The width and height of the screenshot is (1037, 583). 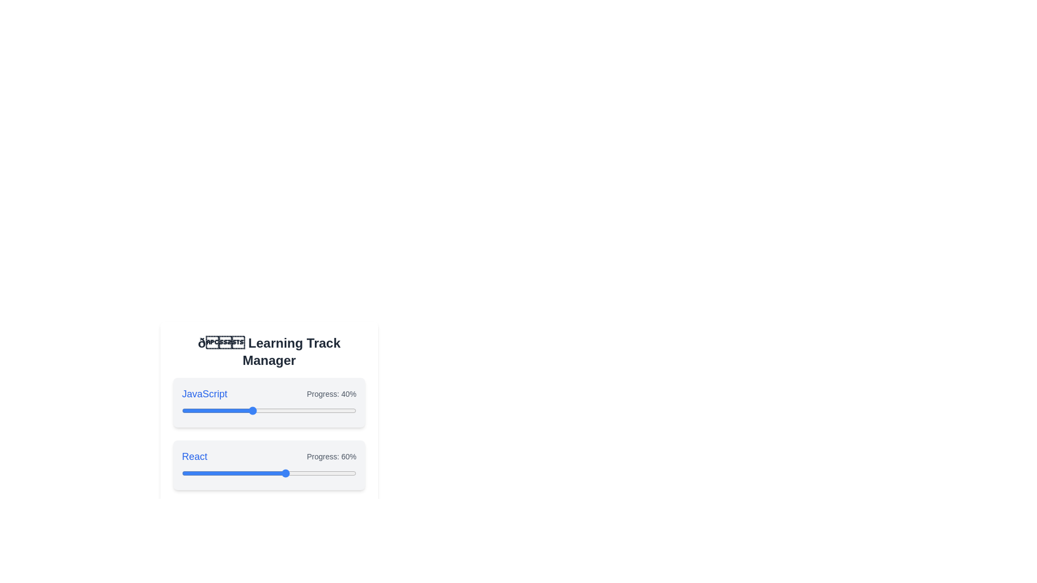 What do you see at coordinates (331, 456) in the screenshot?
I see `the text label displaying 'Progress: 60%' which is styled with a subtle gray font and is positioned to the right of the React label` at bounding box center [331, 456].